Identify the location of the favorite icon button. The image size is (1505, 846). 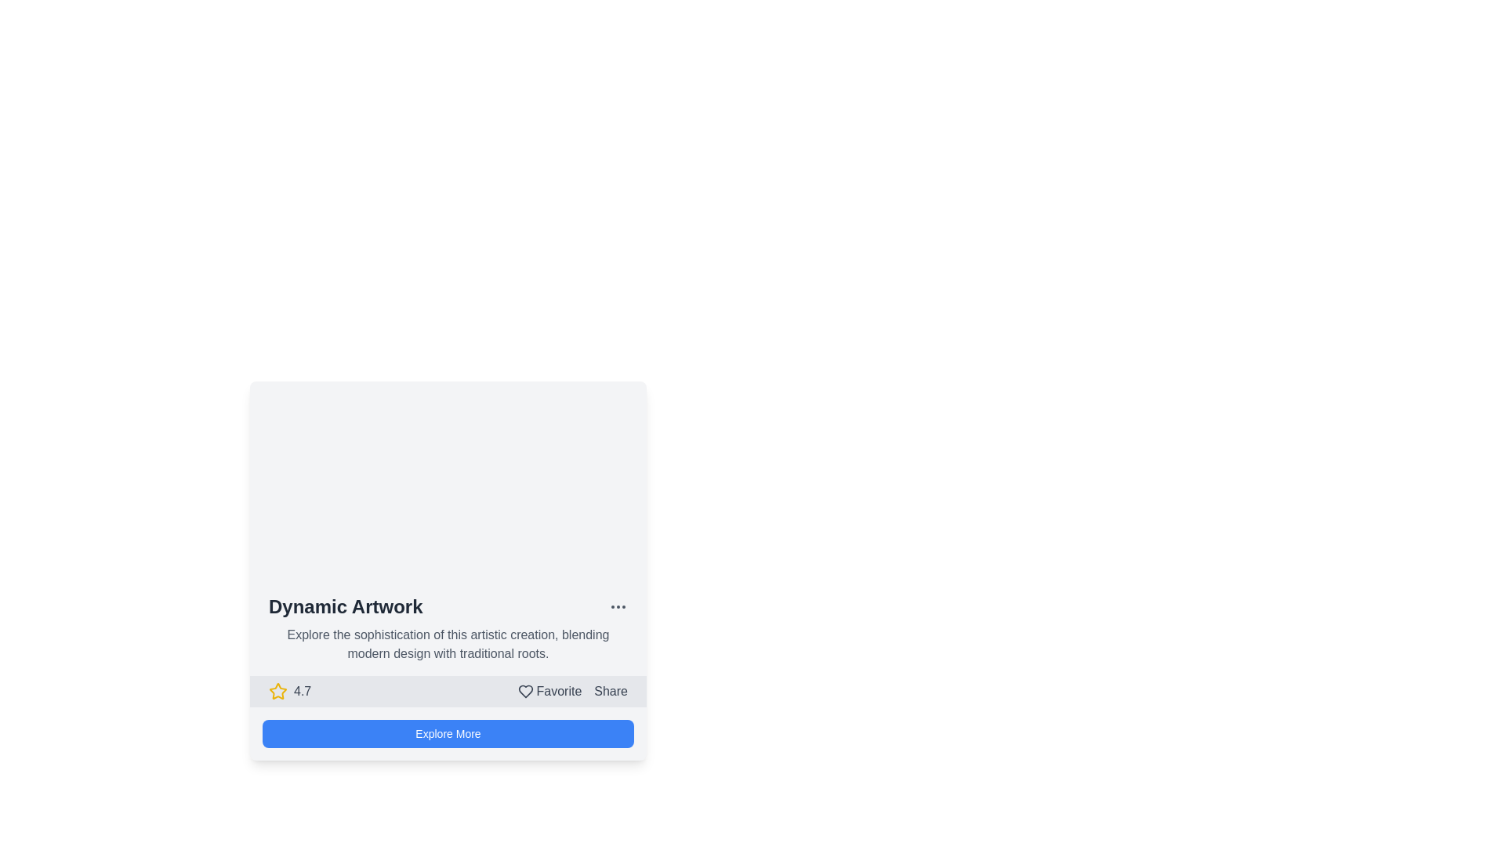
(525, 691).